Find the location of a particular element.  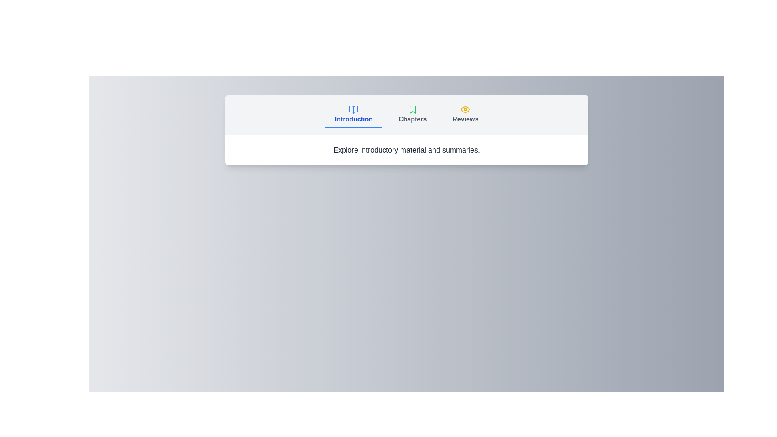

the Introduction tab to change focus is located at coordinates (353, 115).